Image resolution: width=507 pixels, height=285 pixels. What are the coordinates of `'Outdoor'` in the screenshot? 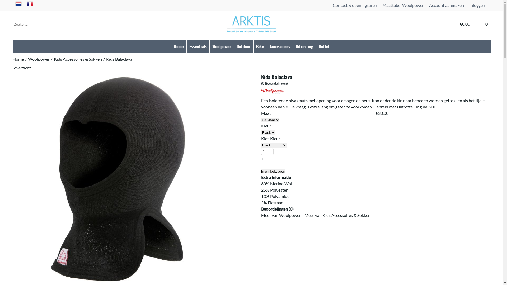 It's located at (243, 46).